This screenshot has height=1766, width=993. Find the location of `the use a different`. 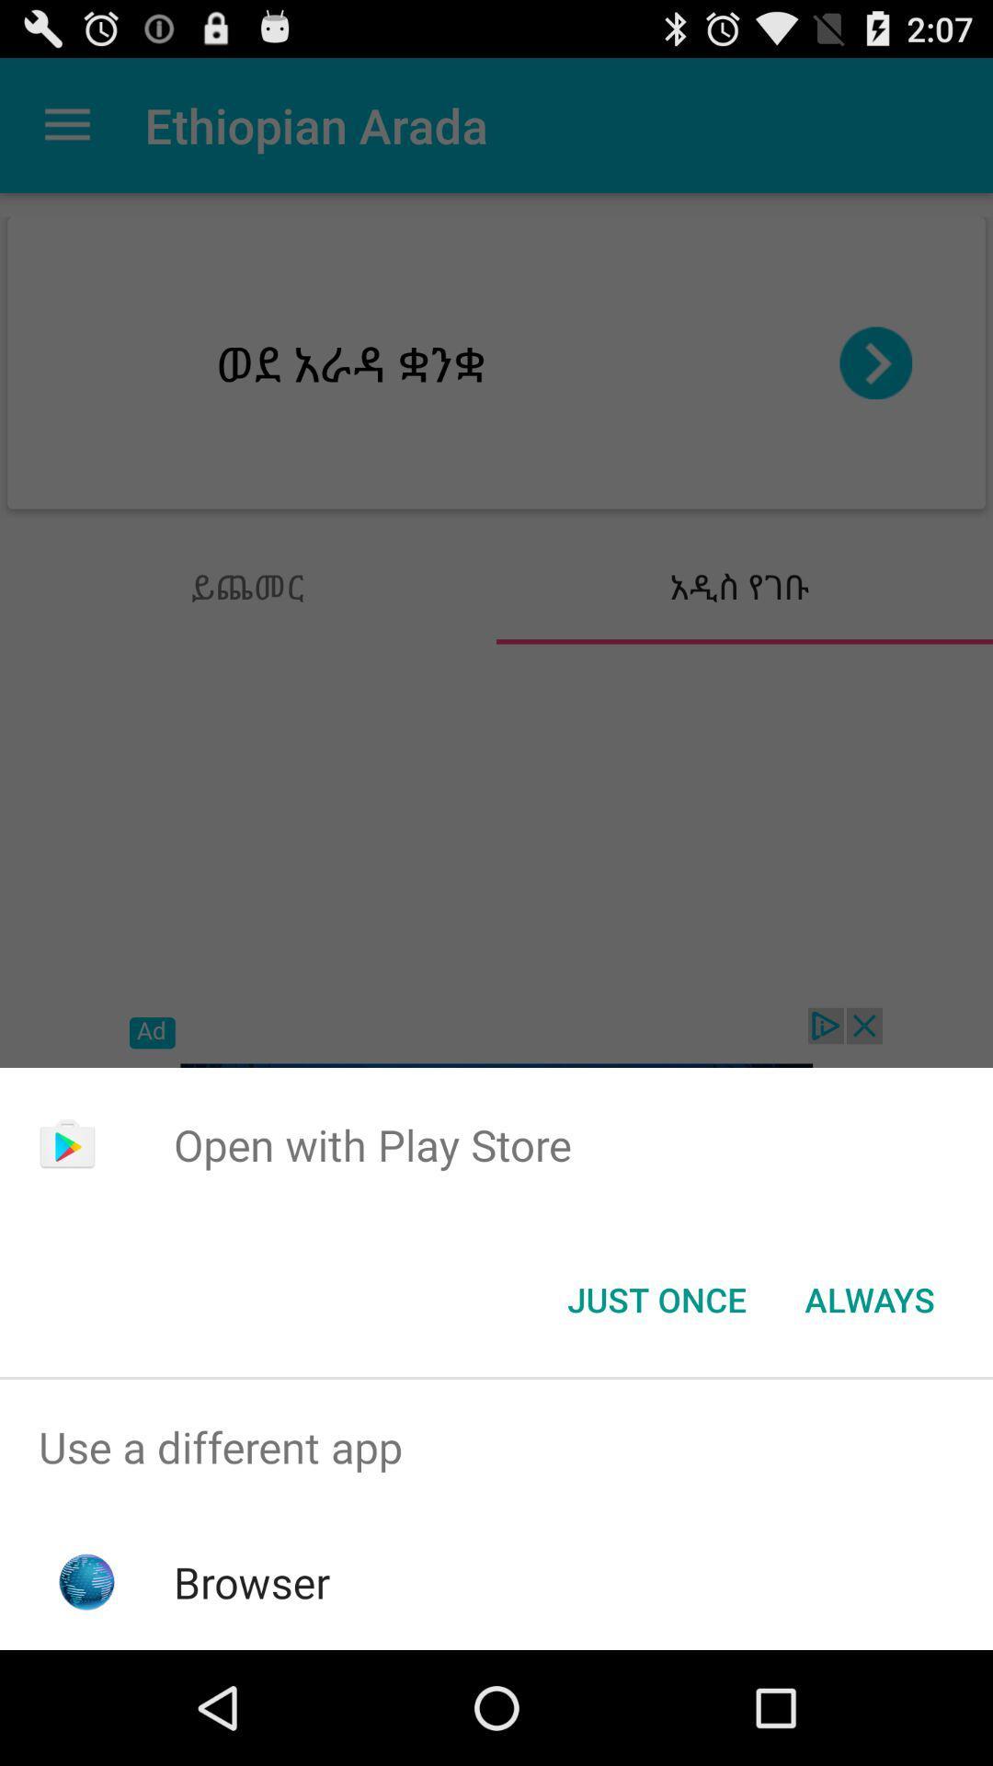

the use a different is located at coordinates (496, 1446).